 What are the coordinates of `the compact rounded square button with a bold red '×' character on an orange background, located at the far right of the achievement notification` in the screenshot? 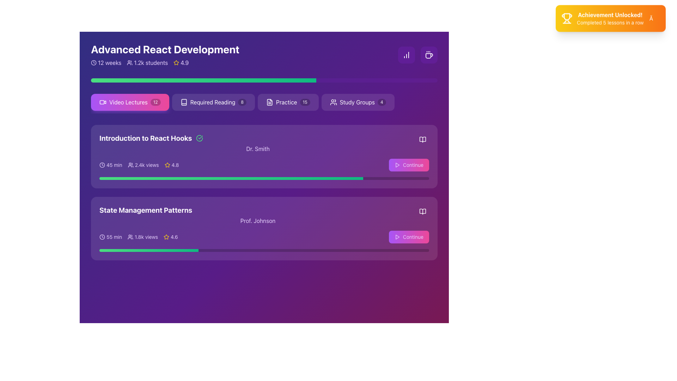 It's located at (653, 21).